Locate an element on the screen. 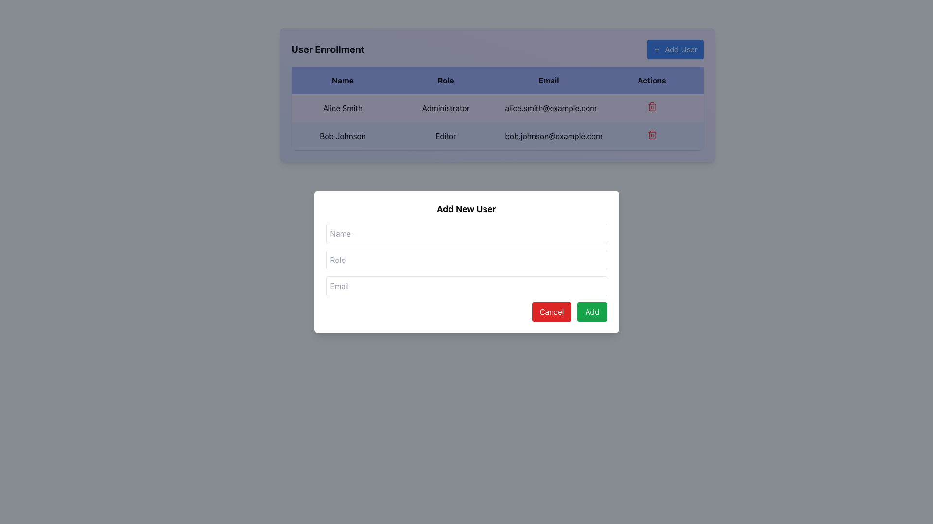  the red 'Cancel' button located at the bottom-right corner of the modal dialog box to observe any hover effects is located at coordinates (552, 312).